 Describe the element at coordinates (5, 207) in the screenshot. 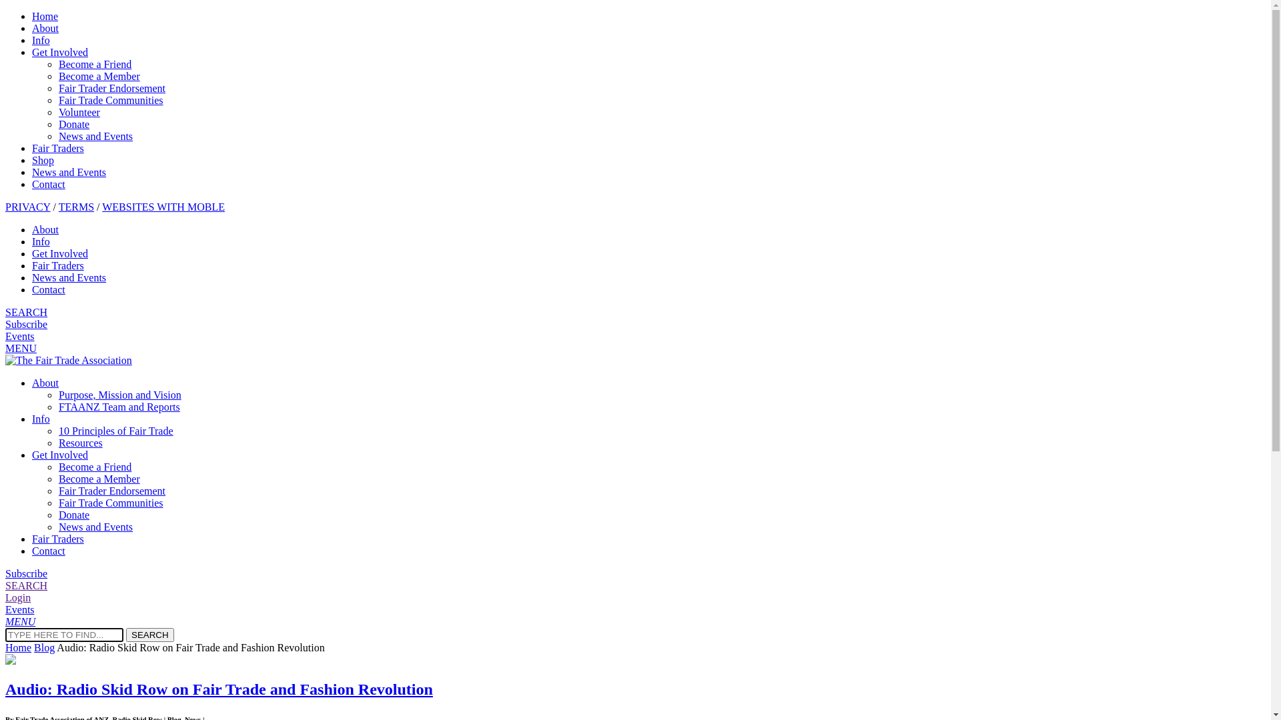

I see `'PRIVACY'` at that location.